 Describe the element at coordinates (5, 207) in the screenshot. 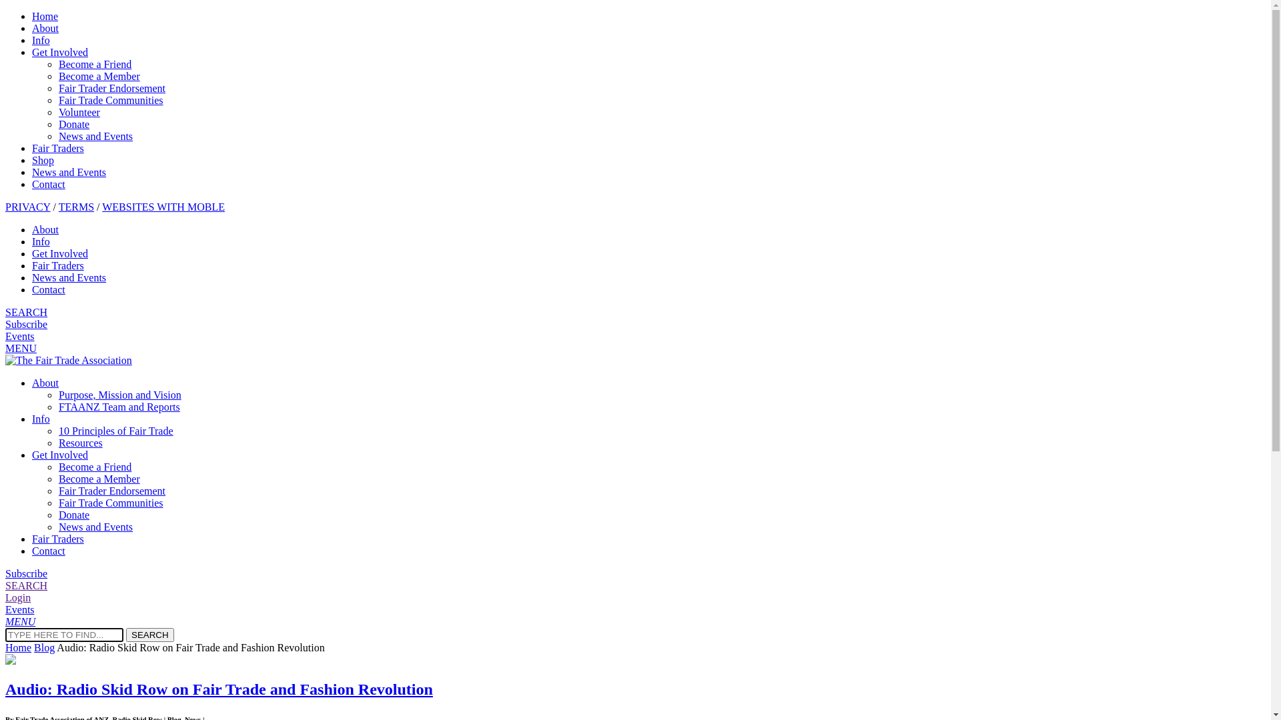

I see `'PRIVACY'` at that location.